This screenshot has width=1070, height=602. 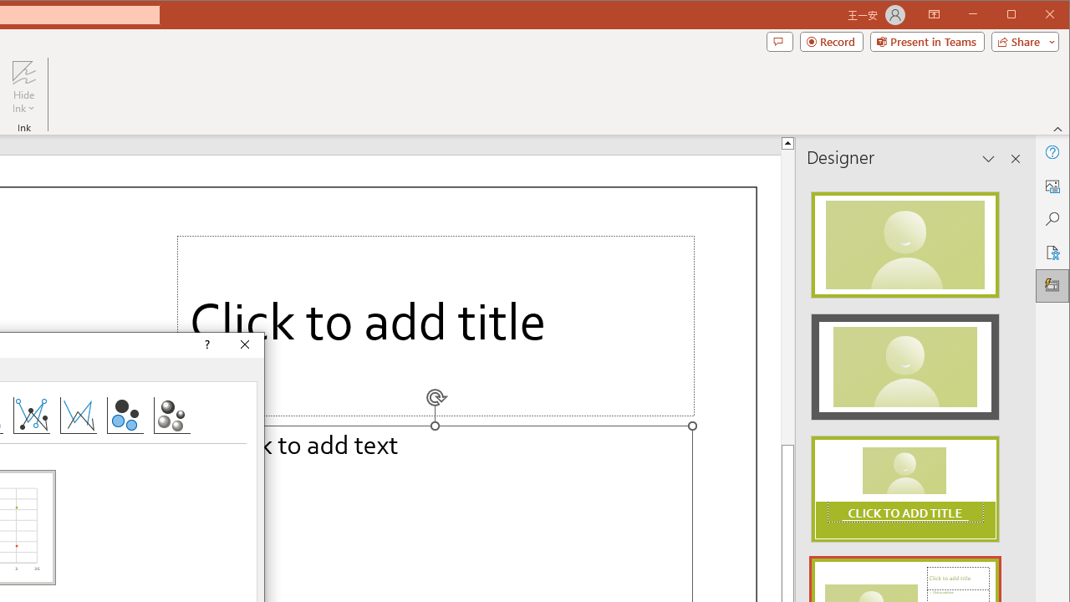 What do you see at coordinates (1051, 186) in the screenshot?
I see `'Alt Text'` at bounding box center [1051, 186].